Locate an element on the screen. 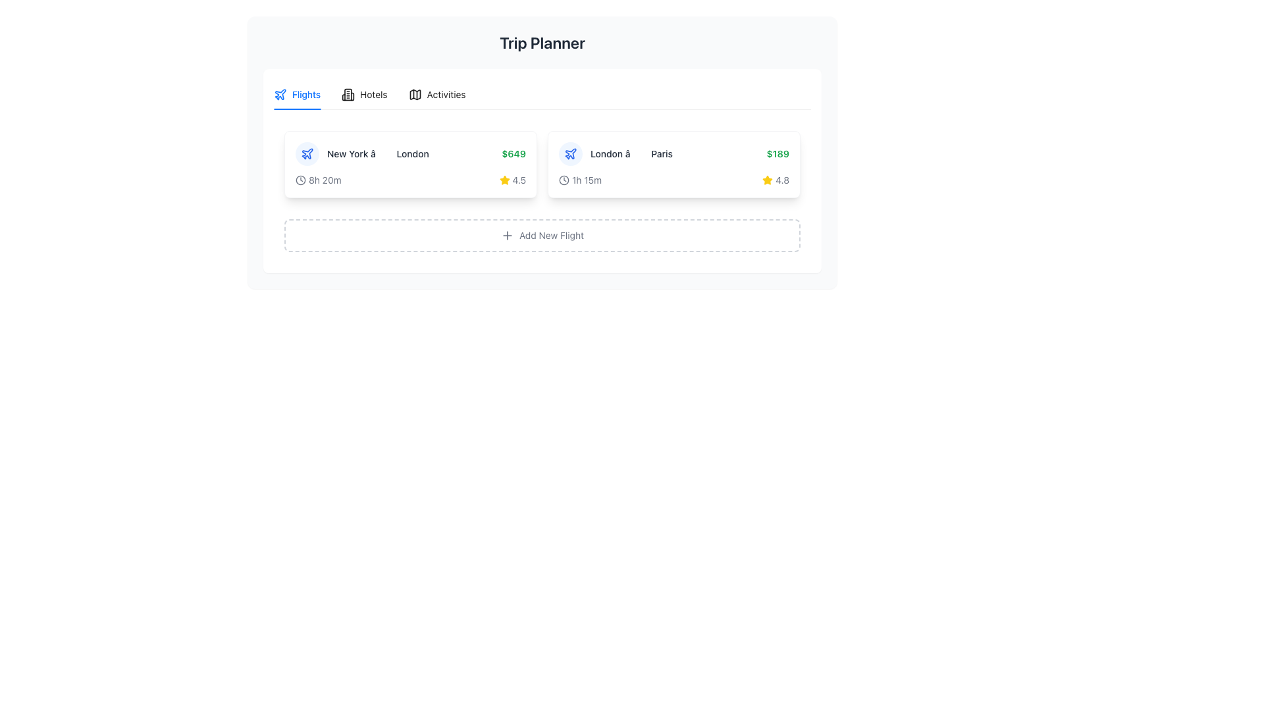 The height and width of the screenshot is (711, 1264). the 'Hotels' icon in the navigation bar is located at coordinates (348, 93).